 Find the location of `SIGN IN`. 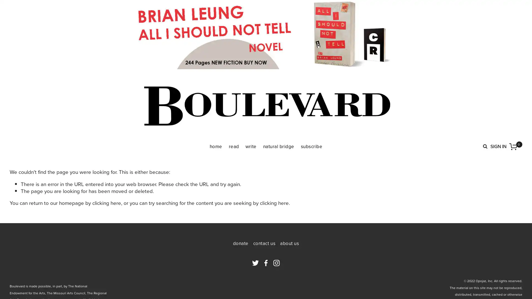

SIGN IN is located at coordinates (498, 146).